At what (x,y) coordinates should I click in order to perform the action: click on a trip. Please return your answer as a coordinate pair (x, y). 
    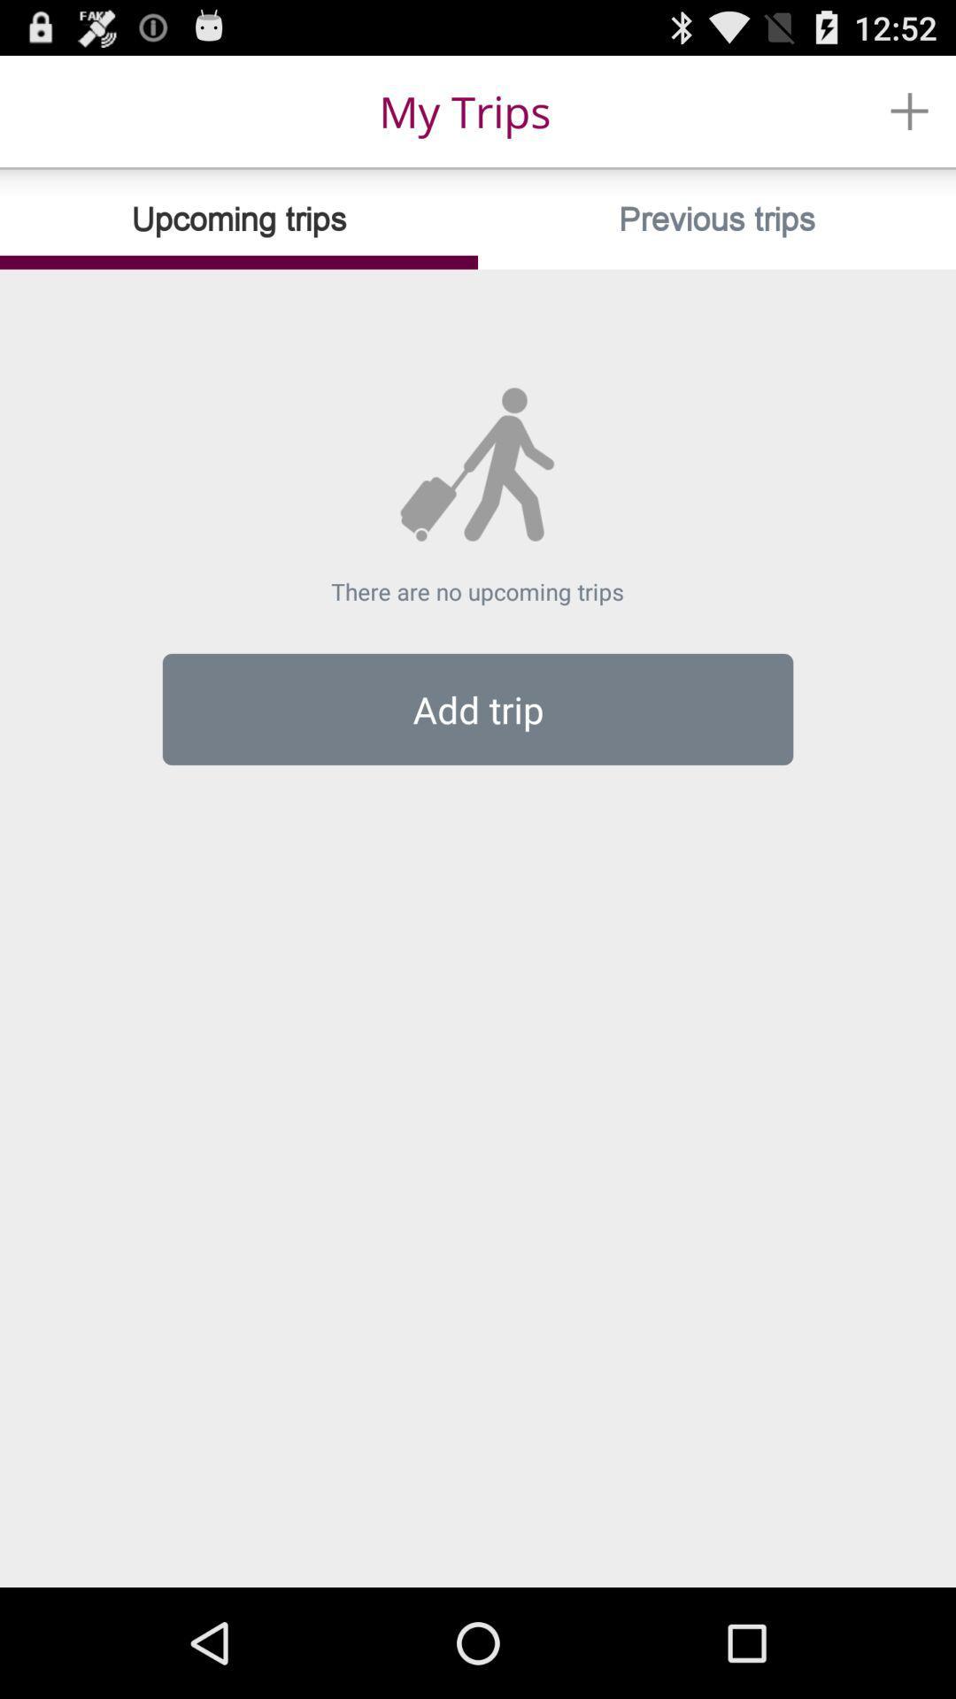
    Looking at the image, I should click on (909, 110).